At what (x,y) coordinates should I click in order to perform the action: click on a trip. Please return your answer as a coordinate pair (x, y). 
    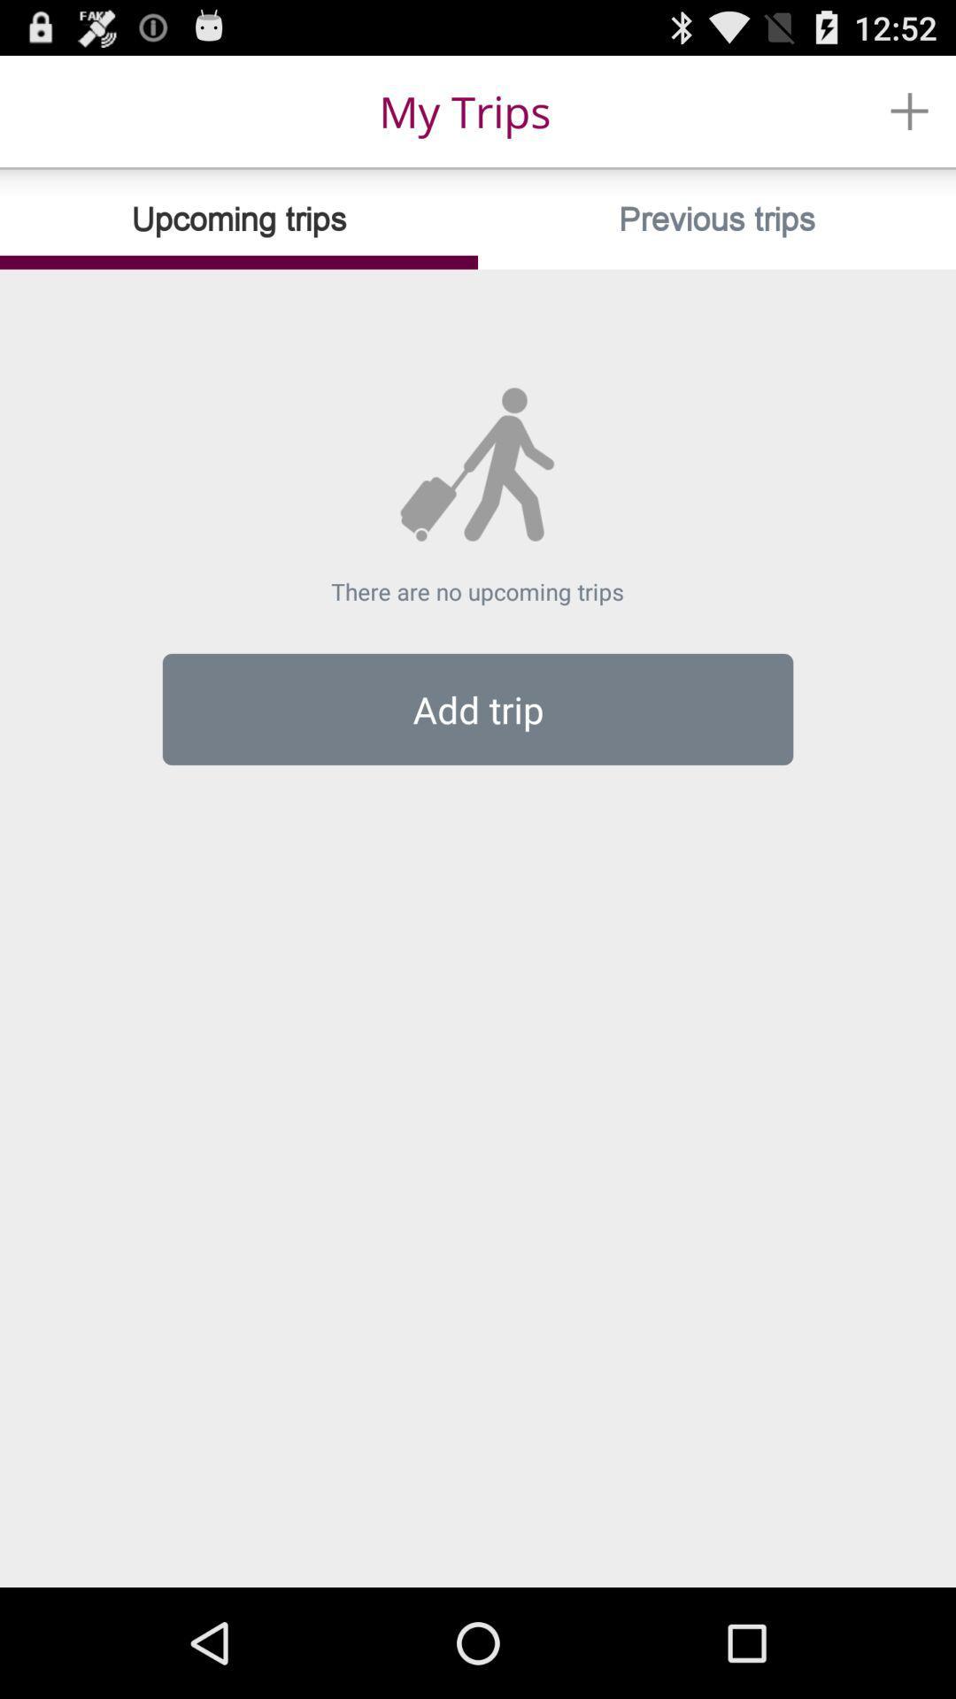
    Looking at the image, I should click on (909, 110).